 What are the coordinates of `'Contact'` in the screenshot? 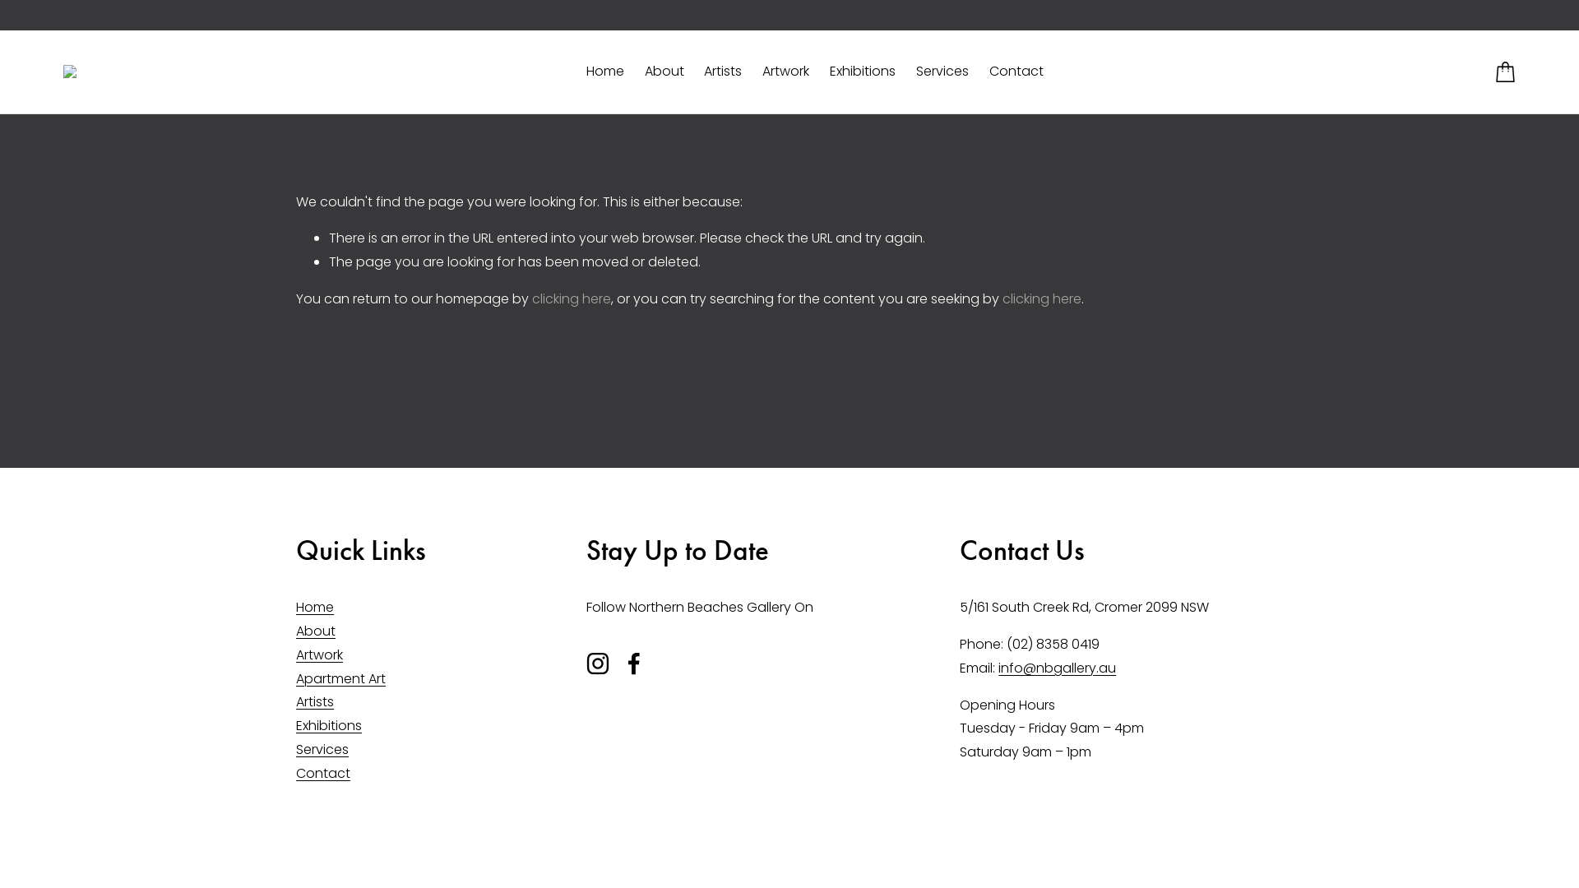 It's located at (323, 774).